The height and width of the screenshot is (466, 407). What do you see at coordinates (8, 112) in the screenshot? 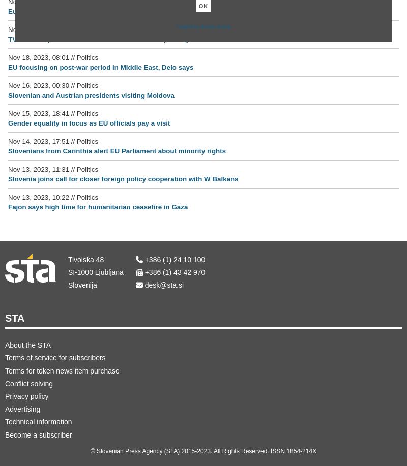
I see `'Nov 15, 2023, 18:41'` at bounding box center [8, 112].